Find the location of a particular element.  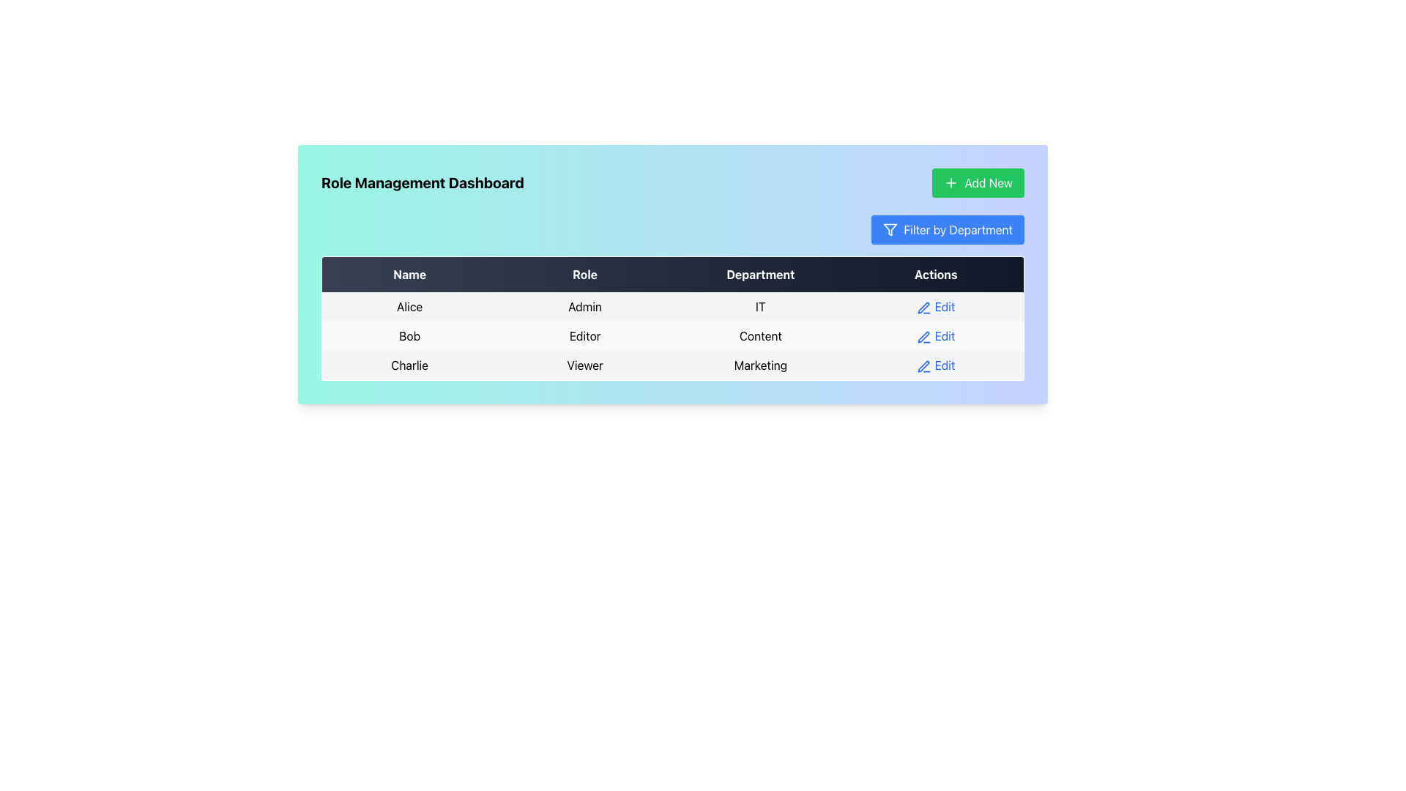

the link with an associated SVG icon located in the last row of the 'Actions' column in the 'Role Management Dashboard' is located at coordinates (935, 365).